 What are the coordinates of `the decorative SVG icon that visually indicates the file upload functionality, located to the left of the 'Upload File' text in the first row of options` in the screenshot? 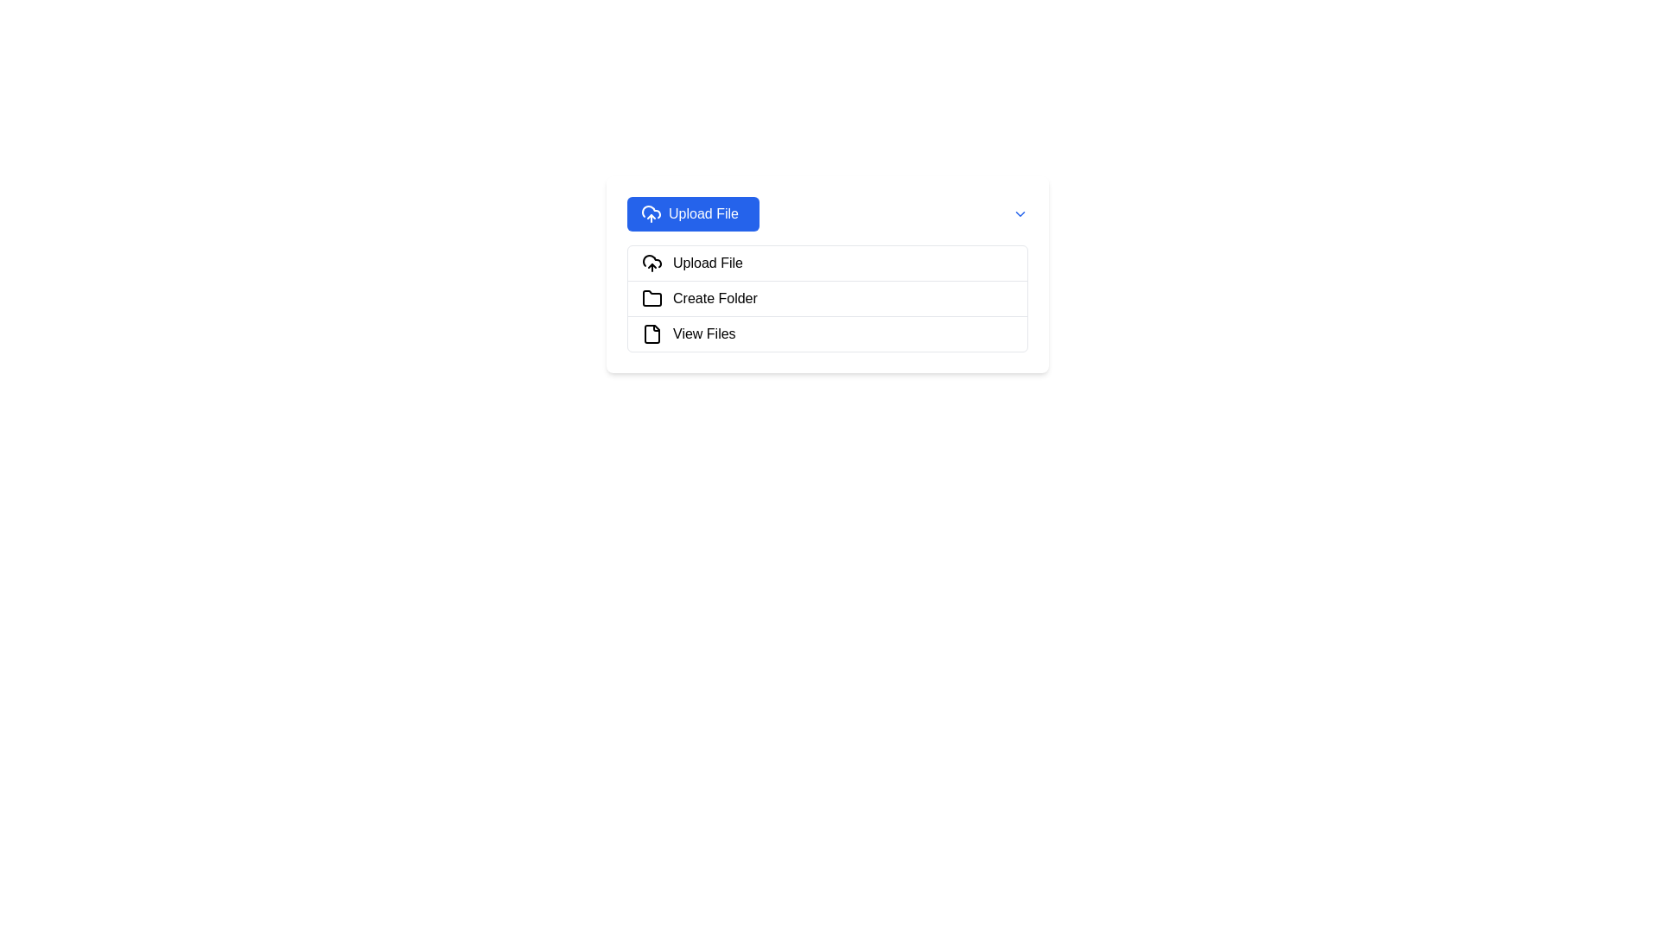 It's located at (651, 263).